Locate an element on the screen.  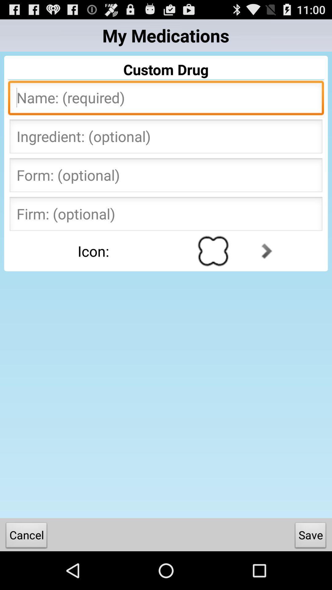
medicine ingredient optional is located at coordinates (166, 138).